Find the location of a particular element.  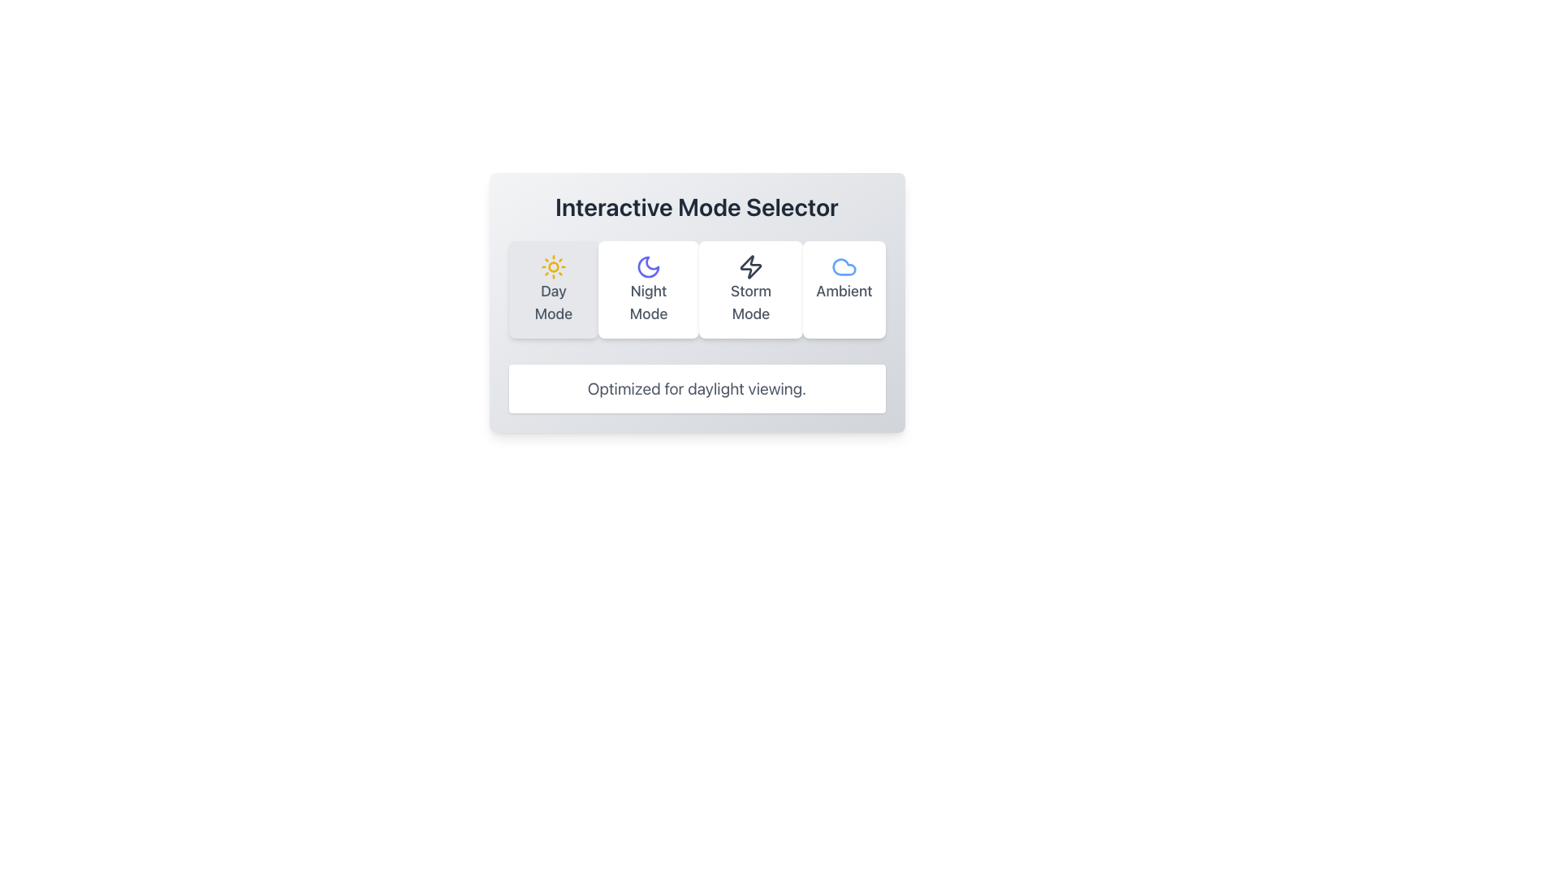

the 'Storm Mode' text label, which is styled with a medium font size and gray color, located under a lightning bolt icon in the 'Interactive Mode Selector' interface is located at coordinates (750, 303).